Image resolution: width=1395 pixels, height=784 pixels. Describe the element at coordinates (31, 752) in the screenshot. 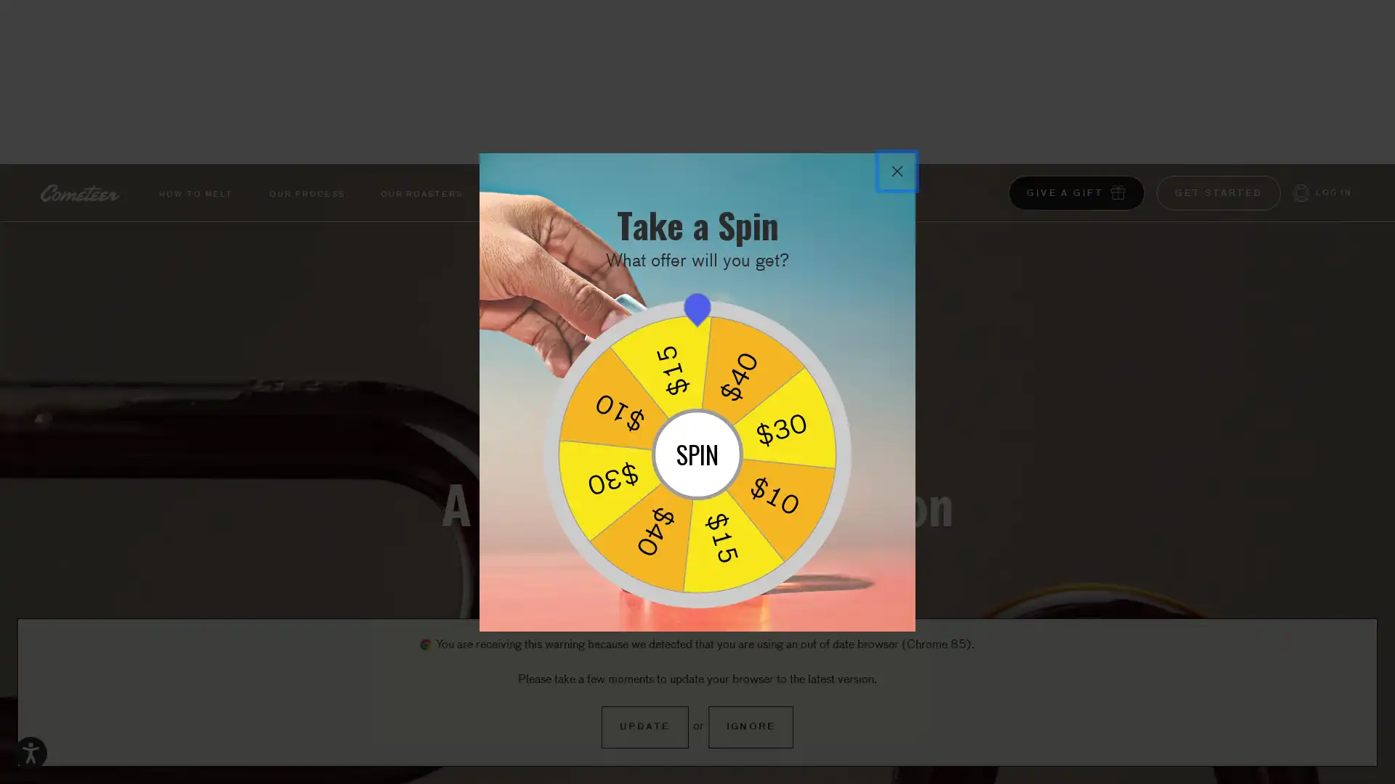

I see `Open accessibility options, statement and help` at that location.